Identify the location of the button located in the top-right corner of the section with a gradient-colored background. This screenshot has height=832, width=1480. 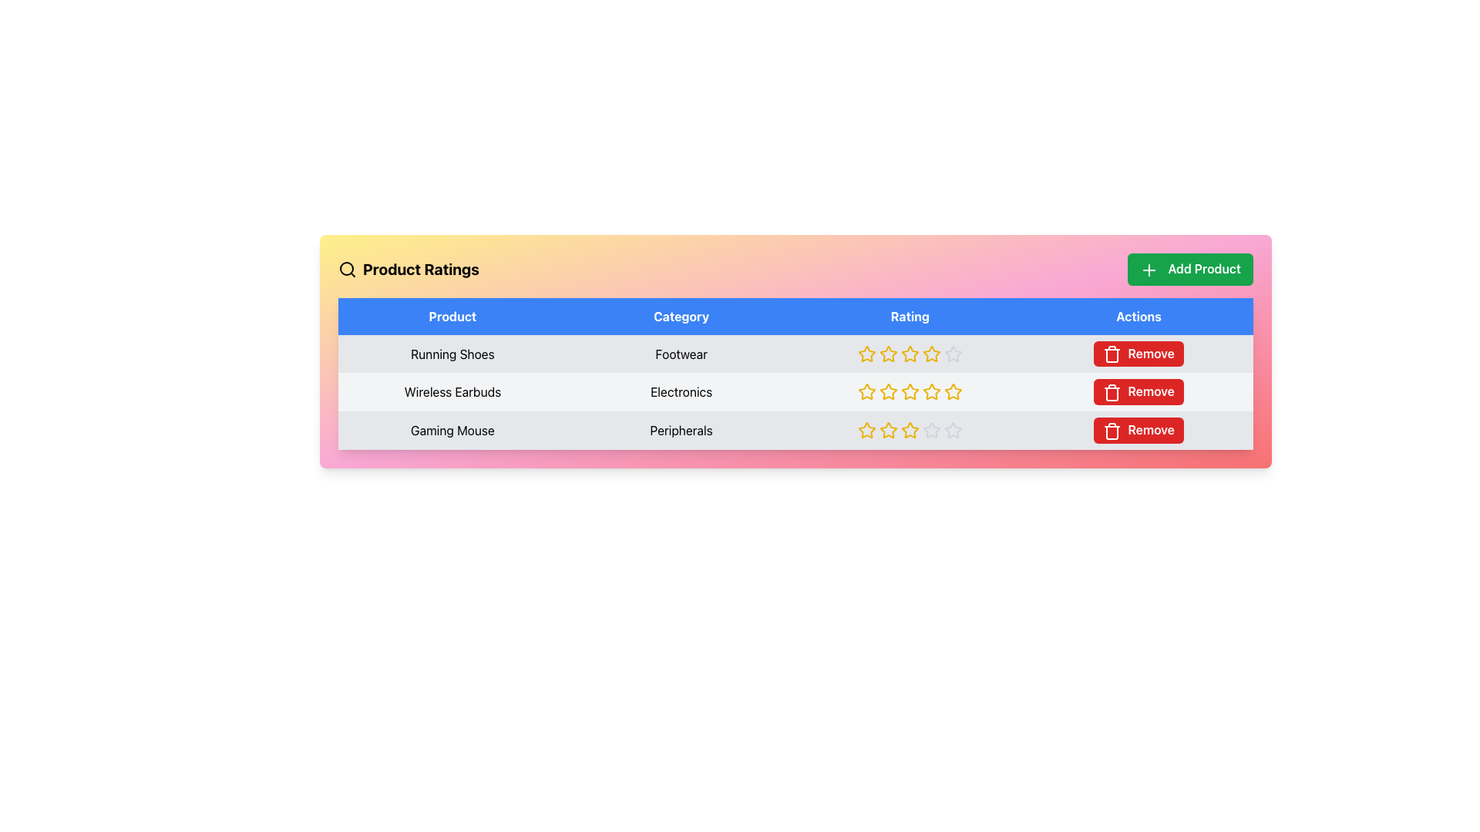
(1189, 268).